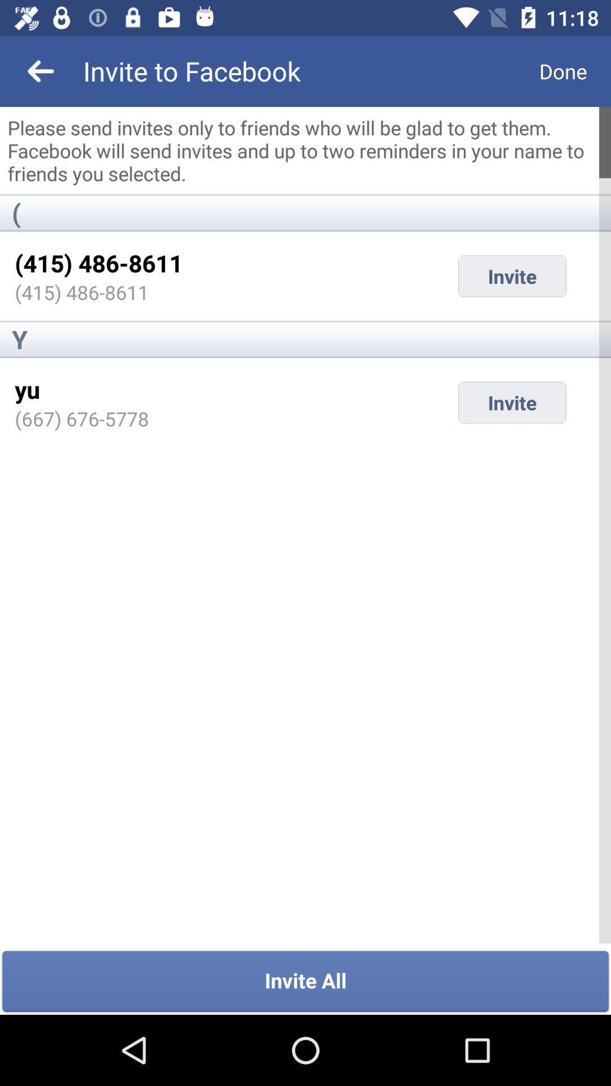 The image size is (611, 1086). Describe the element at coordinates (27, 389) in the screenshot. I see `icon to the left of invite icon` at that location.